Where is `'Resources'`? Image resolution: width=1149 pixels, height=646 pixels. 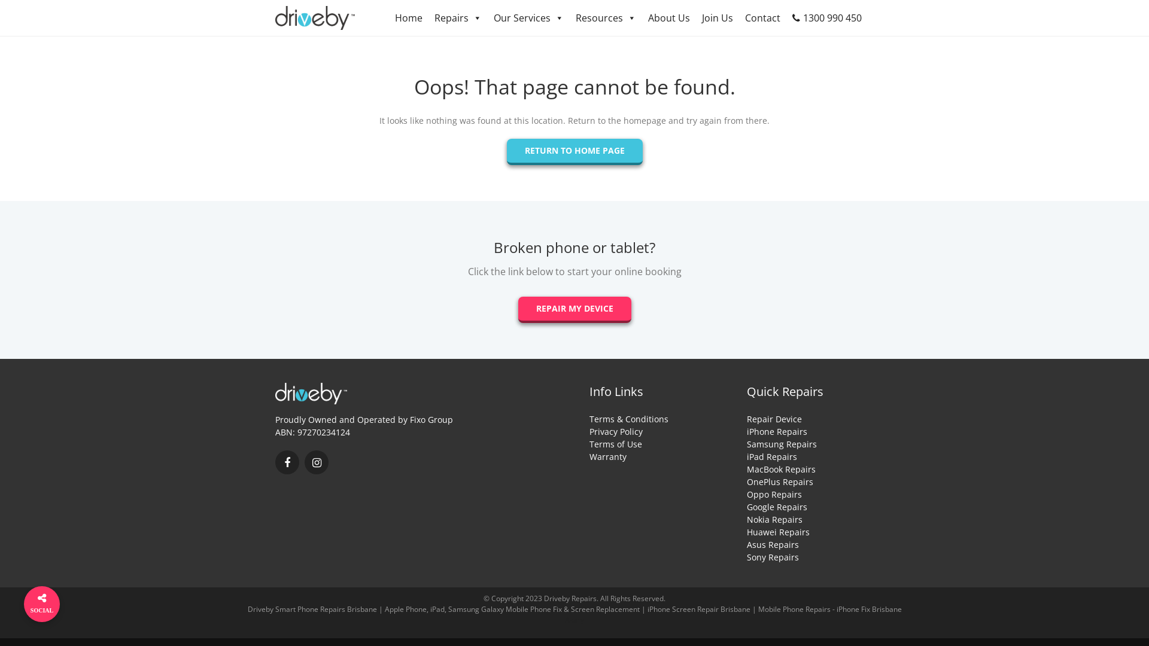 'Resources' is located at coordinates (606, 18).